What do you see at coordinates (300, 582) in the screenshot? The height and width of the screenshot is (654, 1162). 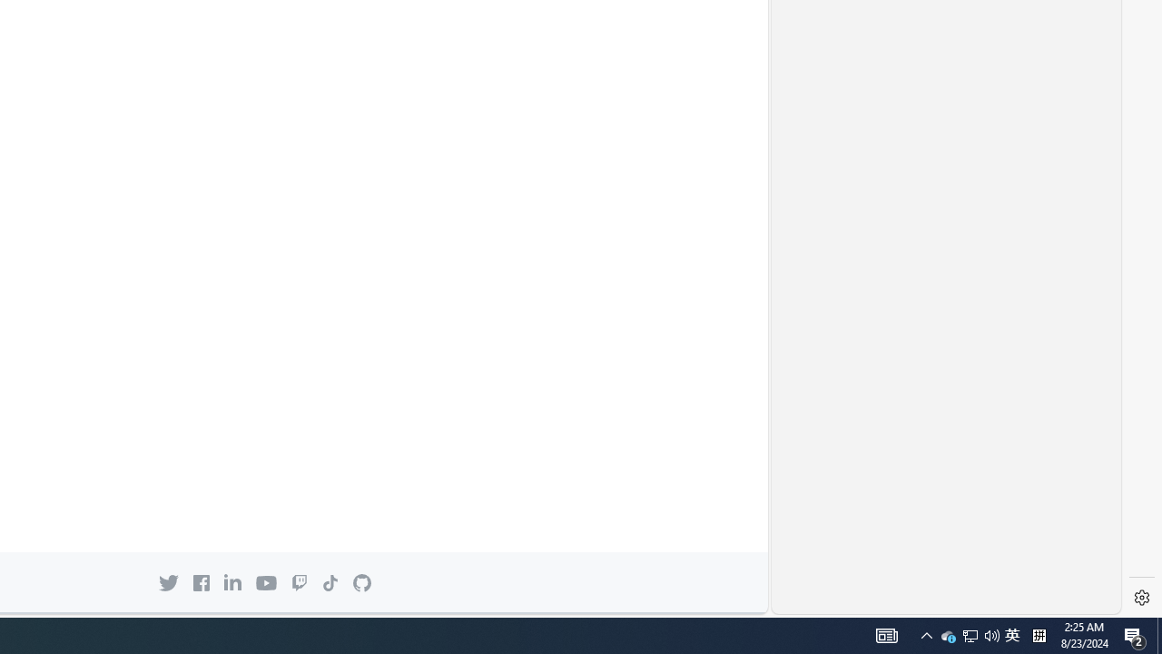 I see `'Twitch icon GitHub on Twitch'` at bounding box center [300, 582].